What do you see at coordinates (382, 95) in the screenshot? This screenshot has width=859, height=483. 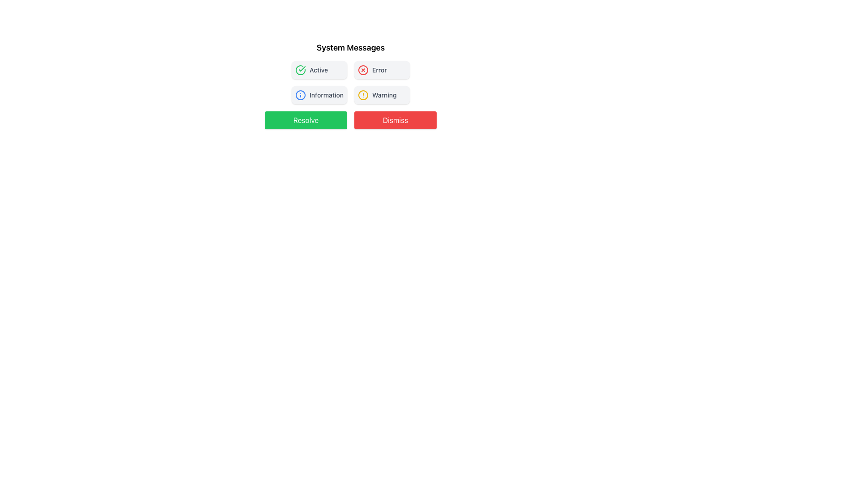 I see `the 'Warning' badge, which features a yellow caution circle icon on the left and is positioned in the bottom-right quadrant of the 'System Messages' grid` at bounding box center [382, 95].